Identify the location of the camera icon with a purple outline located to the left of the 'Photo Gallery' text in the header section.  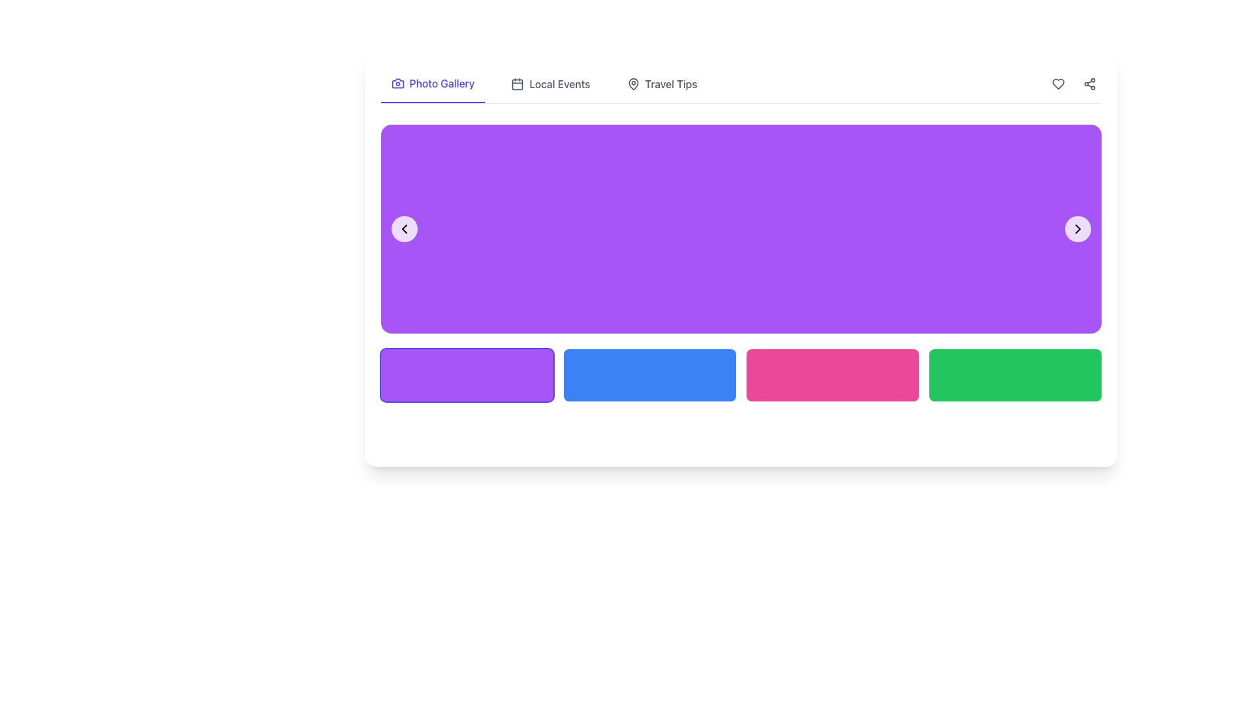
(397, 83).